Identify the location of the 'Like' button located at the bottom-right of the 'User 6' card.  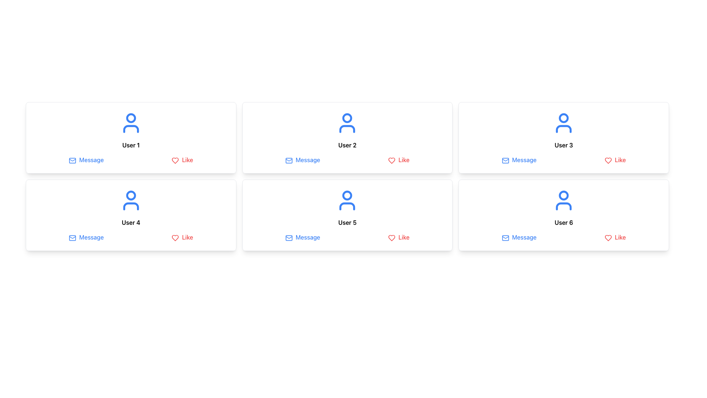
(615, 237).